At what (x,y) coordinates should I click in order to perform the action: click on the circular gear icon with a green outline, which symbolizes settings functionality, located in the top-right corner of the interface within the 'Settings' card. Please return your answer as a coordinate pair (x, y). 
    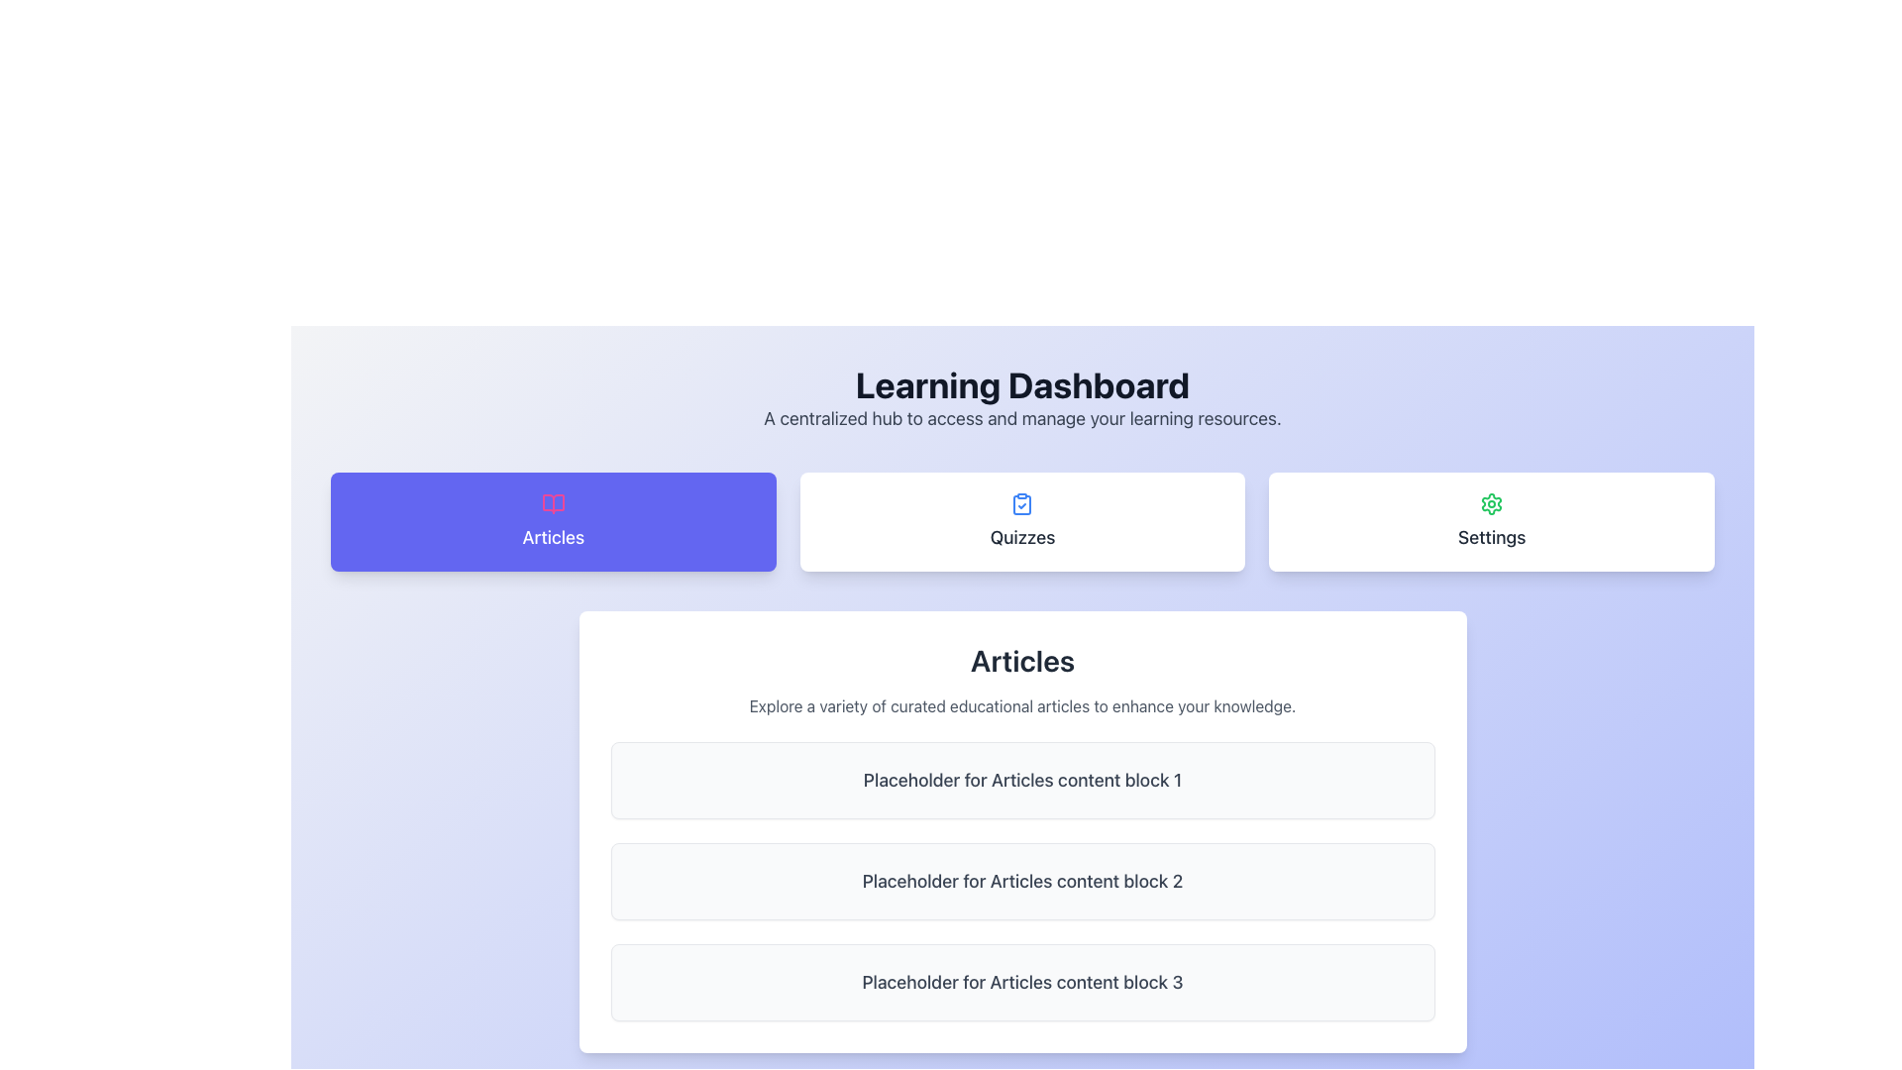
    Looking at the image, I should click on (1492, 503).